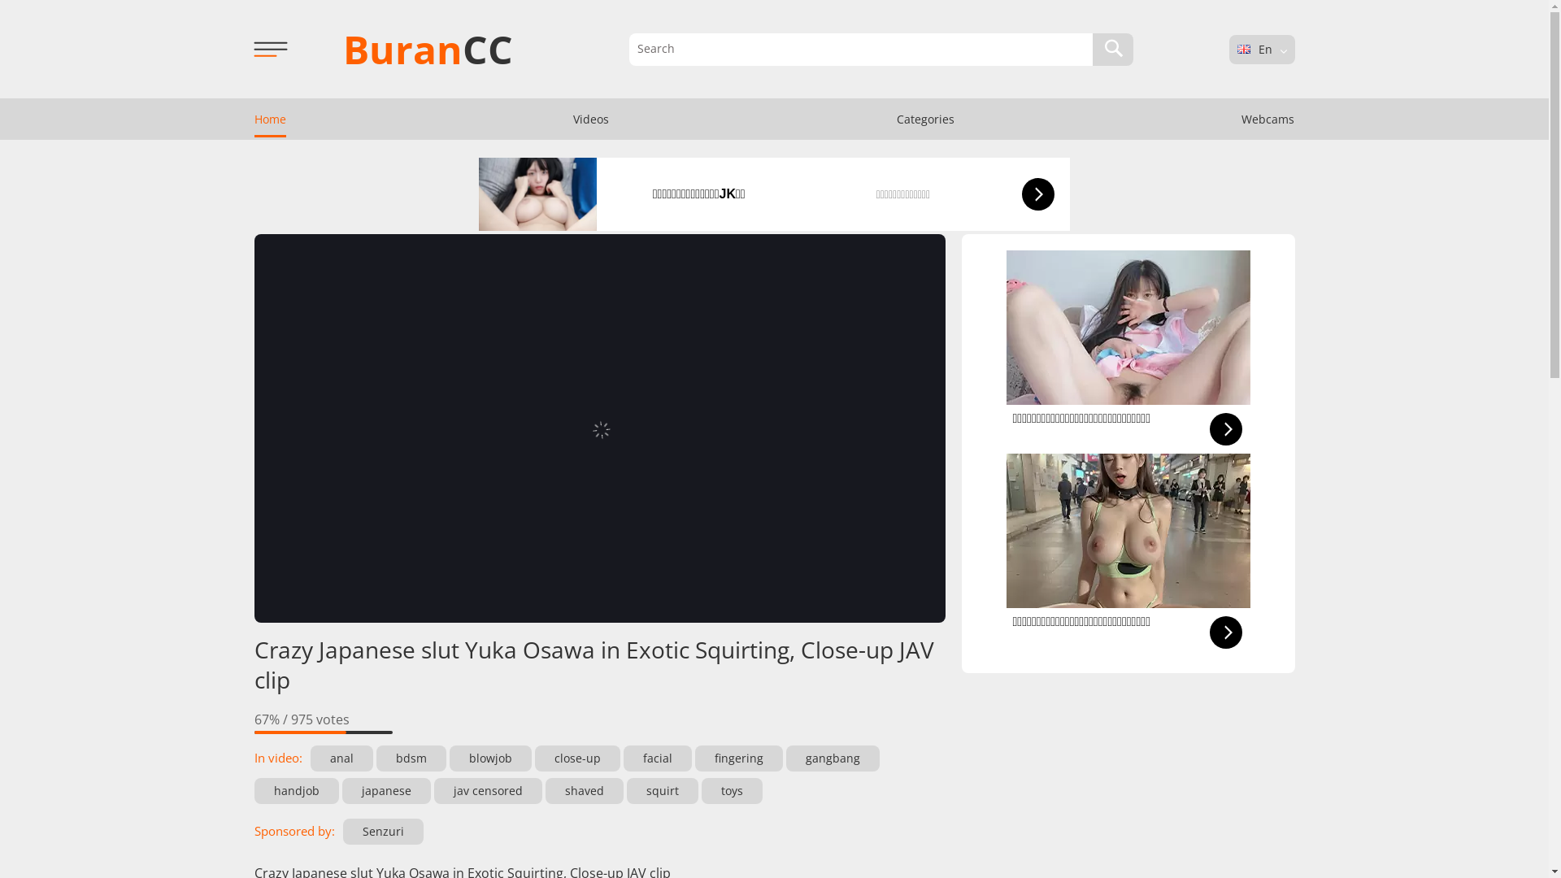  What do you see at coordinates (584, 789) in the screenshot?
I see `'shaved'` at bounding box center [584, 789].